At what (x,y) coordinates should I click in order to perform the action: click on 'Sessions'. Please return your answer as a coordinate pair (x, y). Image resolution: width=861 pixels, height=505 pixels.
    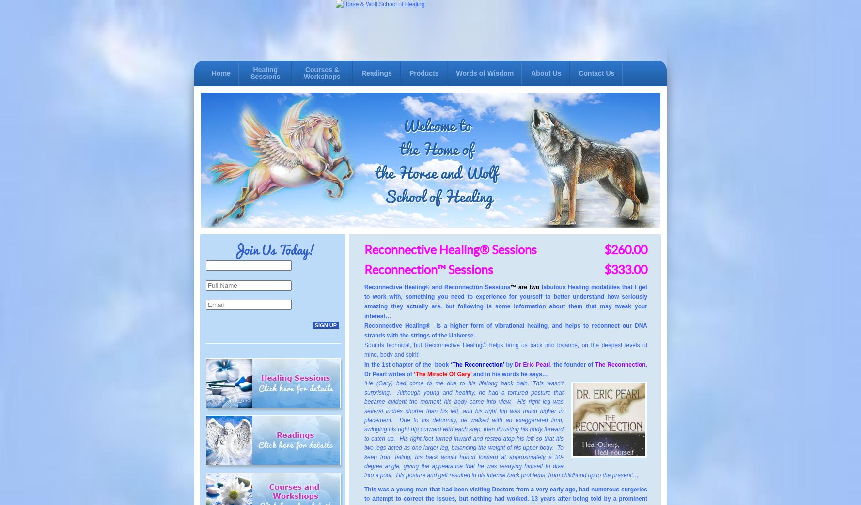
    Looking at the image, I should click on (448, 269).